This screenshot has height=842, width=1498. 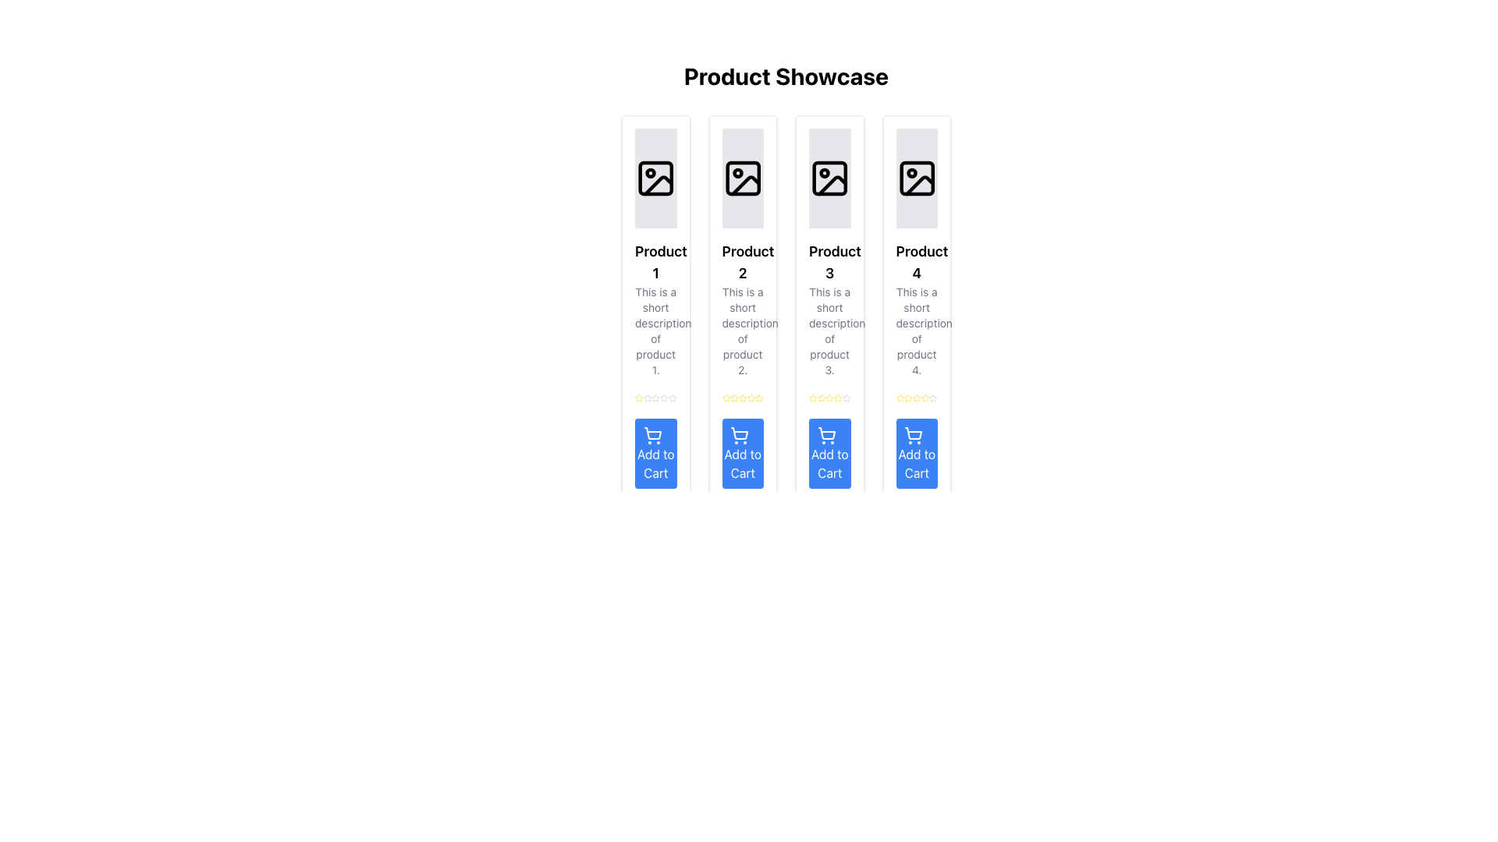 I want to click on the vector graphic icon representing the shopping cart structure located within the blue 'Add to Cart' button beneath the third product card, so click(x=739, y=433).